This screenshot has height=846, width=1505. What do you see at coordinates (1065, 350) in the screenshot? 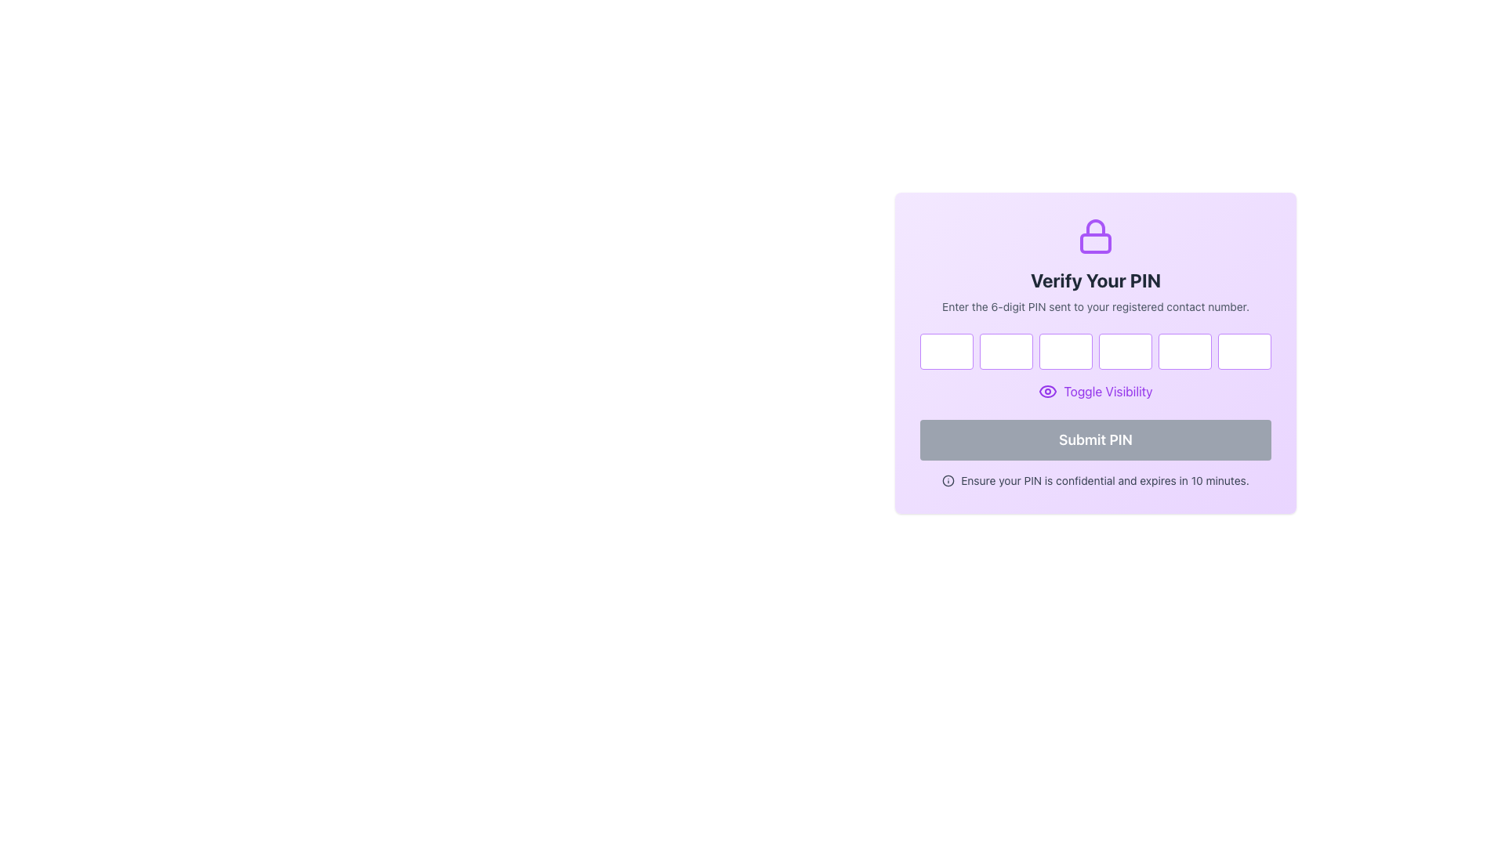
I see `the third password input field, which is a small rectangular field with a purple border and rounded corners, located in a horizontal row of six similar fields` at bounding box center [1065, 350].